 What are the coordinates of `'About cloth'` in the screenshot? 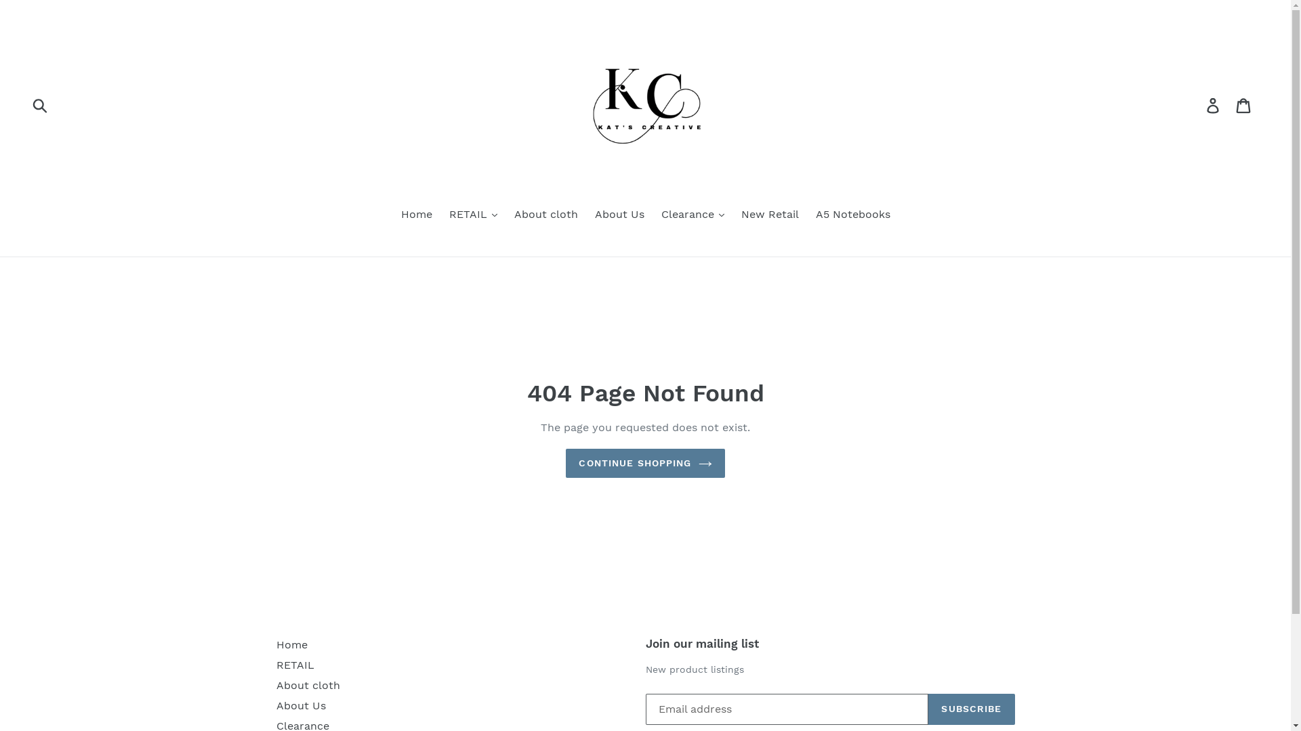 It's located at (308, 685).